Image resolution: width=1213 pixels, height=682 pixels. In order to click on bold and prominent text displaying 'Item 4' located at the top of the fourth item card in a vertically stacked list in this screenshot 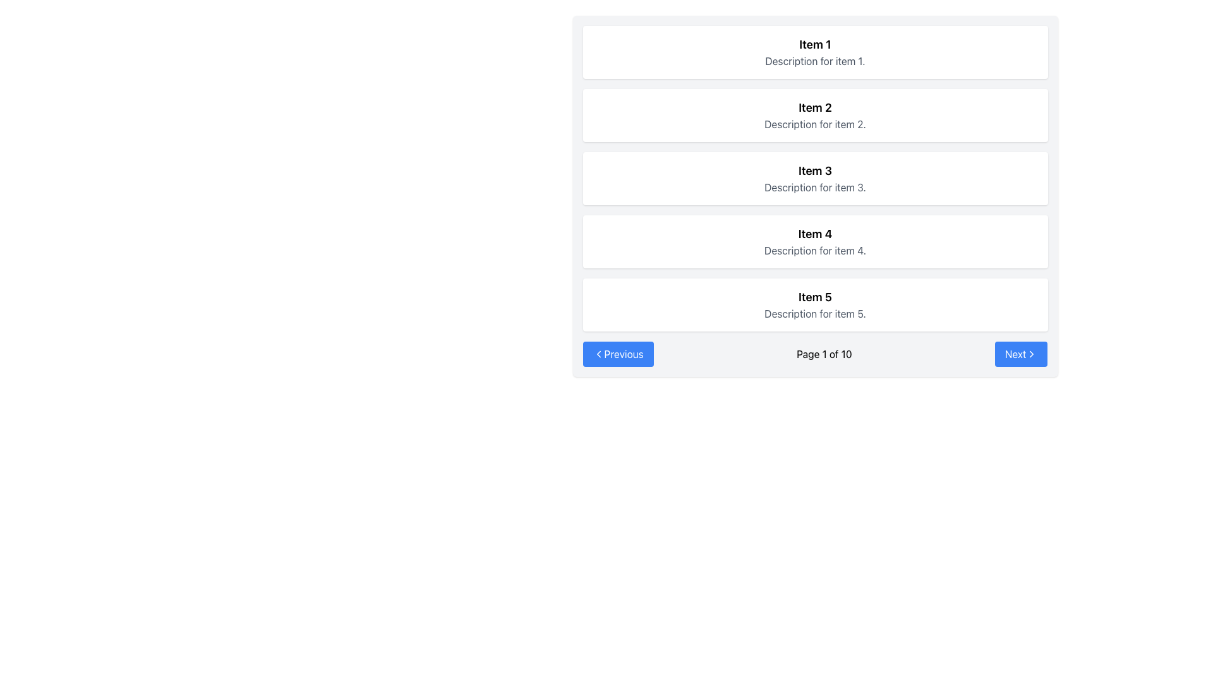, I will do `click(815, 234)`.